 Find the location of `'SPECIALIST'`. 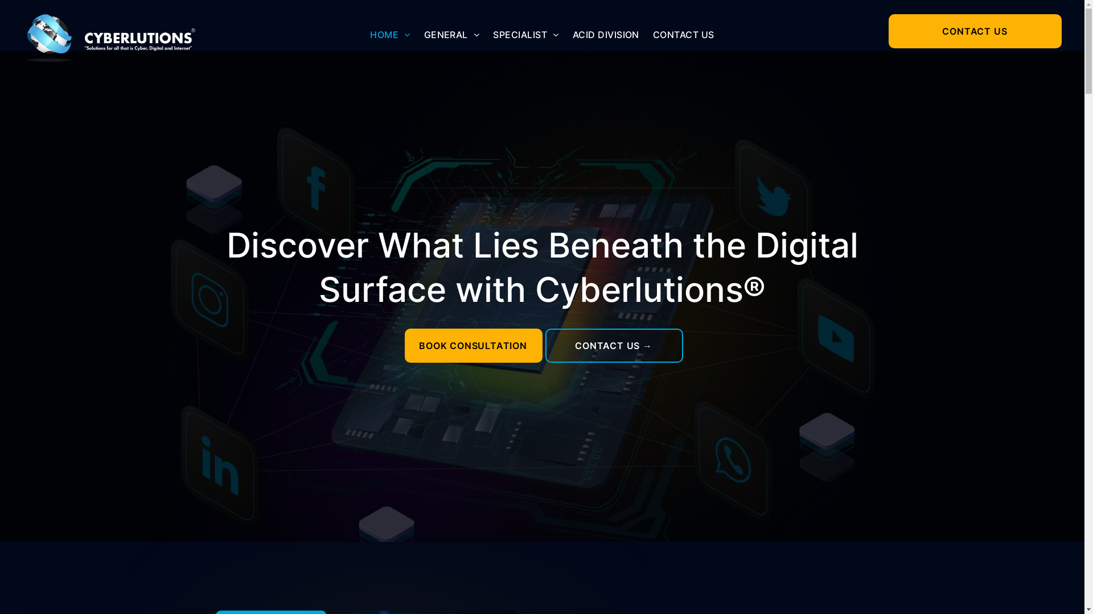

'SPECIALIST' is located at coordinates (525, 34).